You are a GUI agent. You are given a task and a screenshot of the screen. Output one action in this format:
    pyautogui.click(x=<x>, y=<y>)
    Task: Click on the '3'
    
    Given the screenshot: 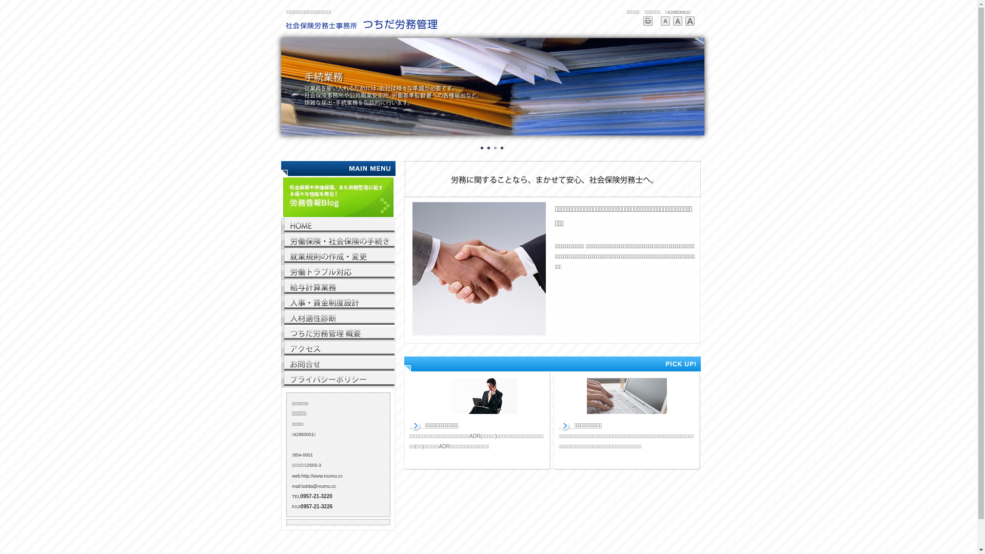 What is the action you would take?
    pyautogui.click(x=495, y=148)
    